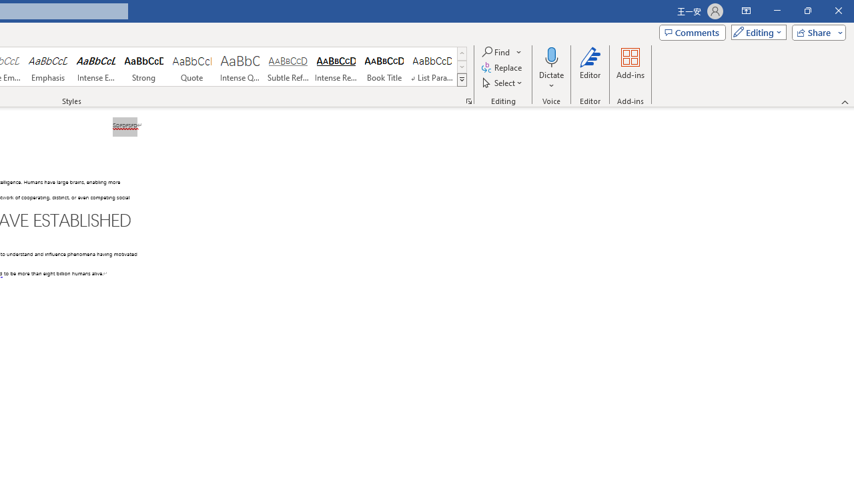 This screenshot has height=480, width=854. Describe the element at coordinates (496, 51) in the screenshot. I see `'Find'` at that location.